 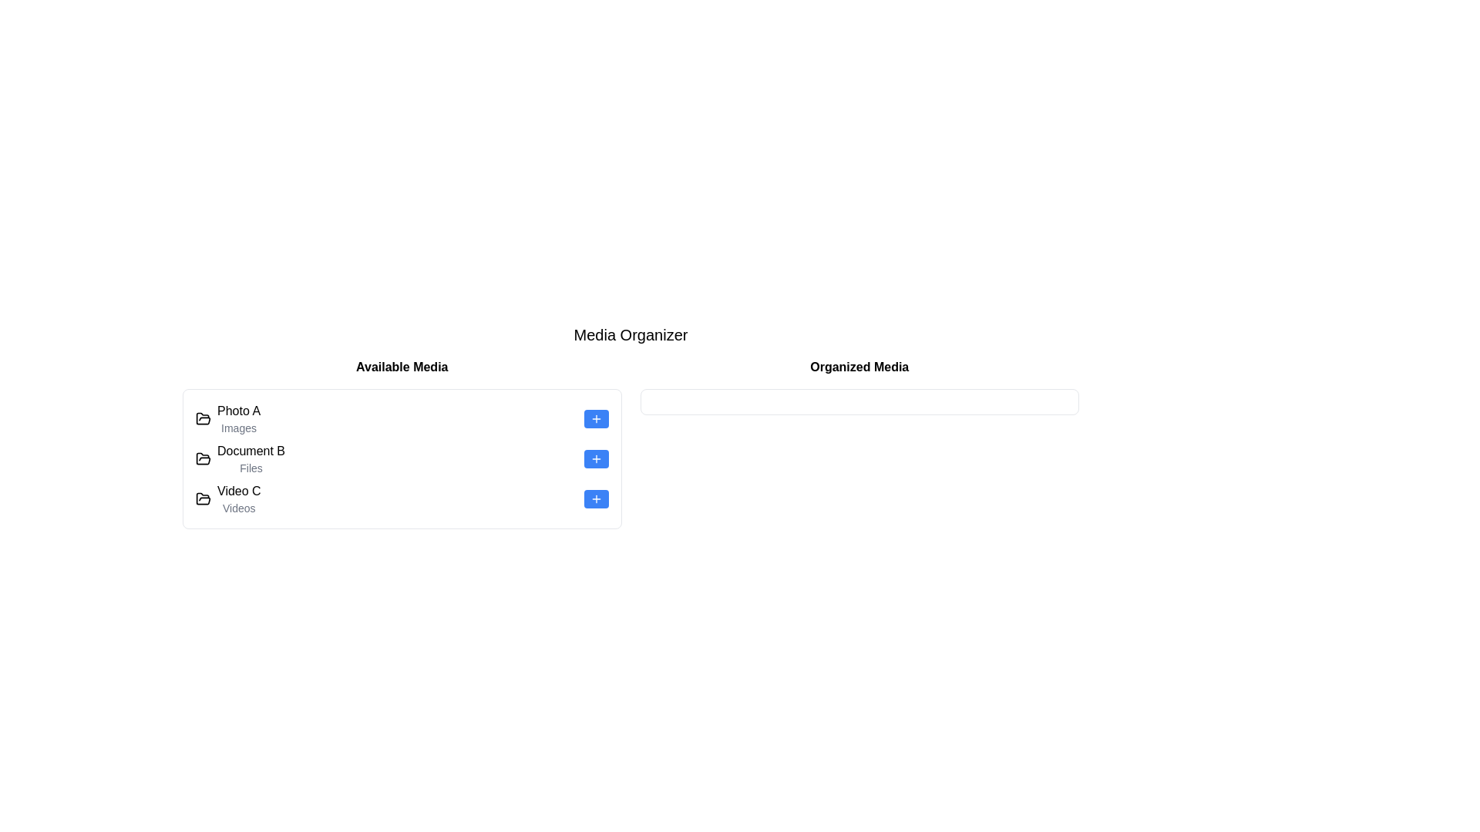 I want to click on the Icon button with a circular plus symbol, located, so click(x=595, y=418).